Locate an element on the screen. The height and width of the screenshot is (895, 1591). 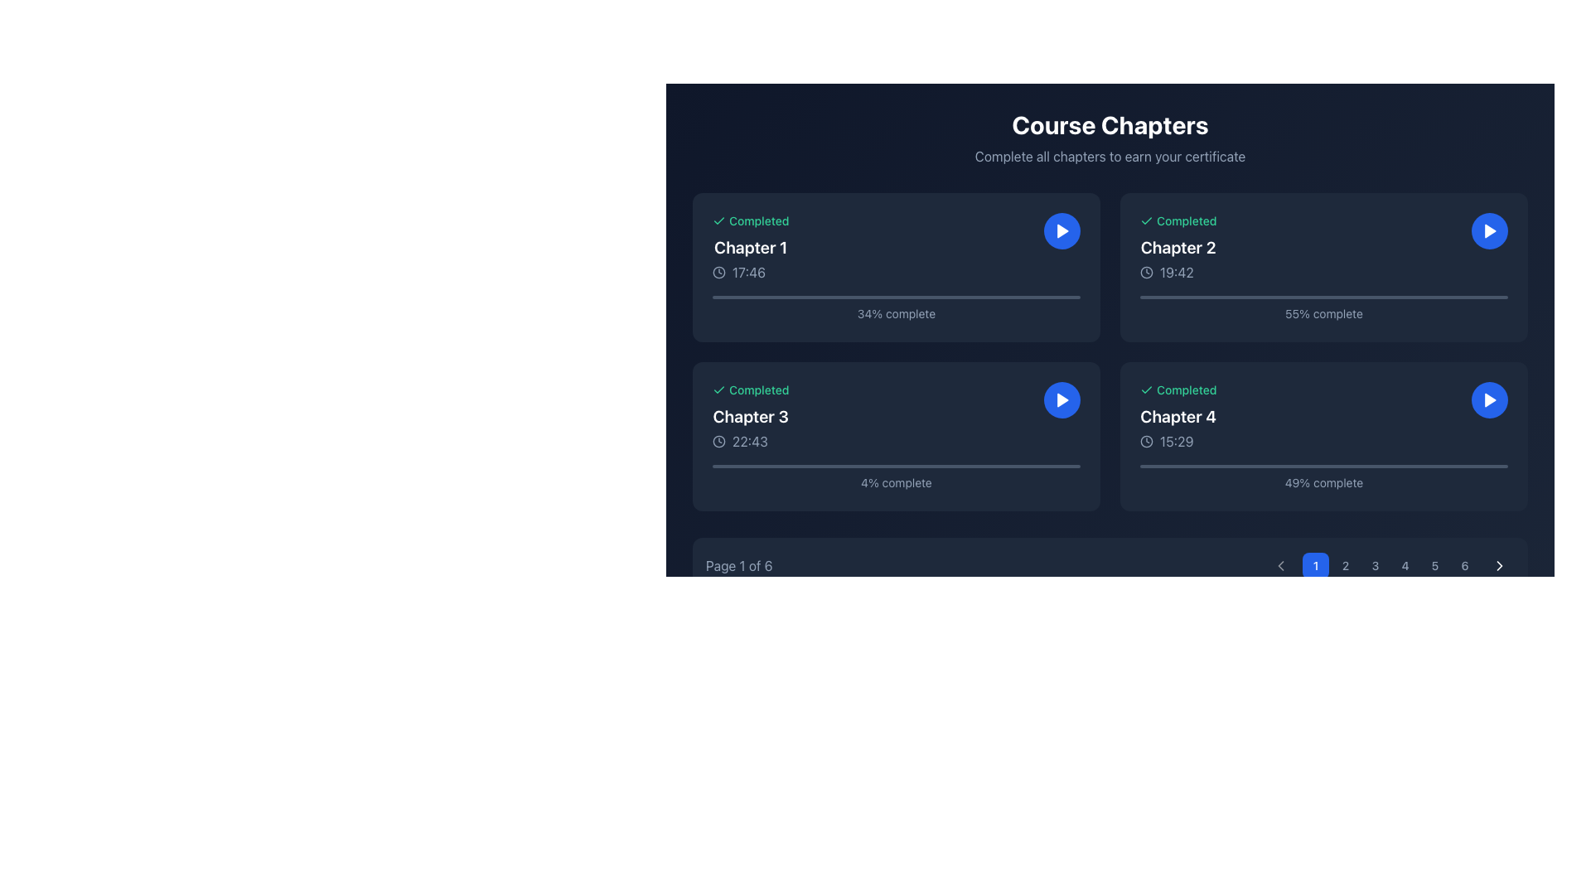
the completed status icon located at the top left corner of the course chapter status group, preceding the text 'Completed.' is located at coordinates (719, 389).